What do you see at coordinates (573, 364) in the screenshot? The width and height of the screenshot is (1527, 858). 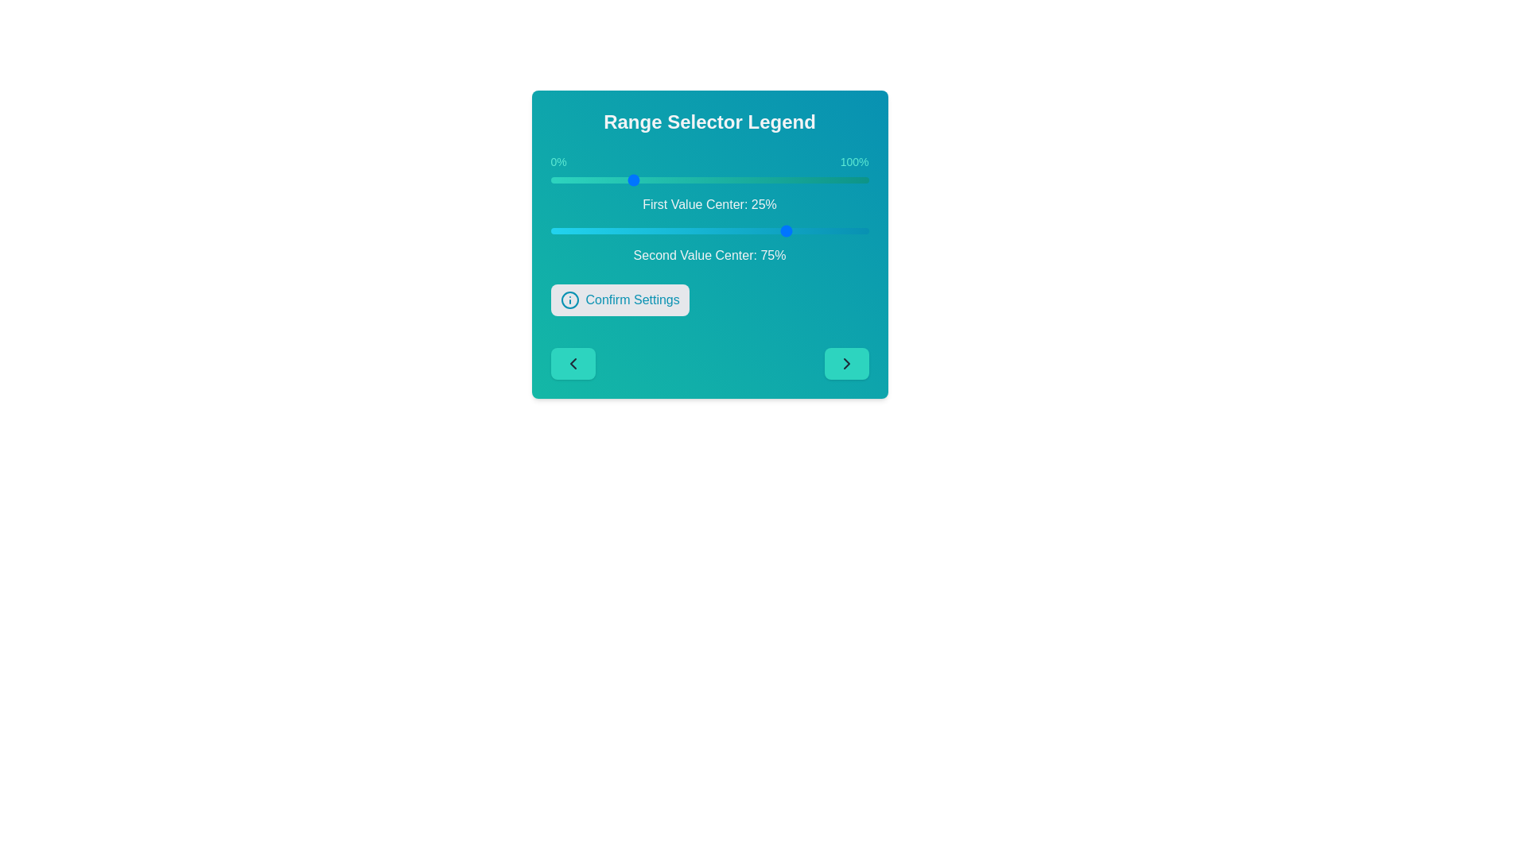 I see `the navigation button located in the bottom-left corner of the control panel` at bounding box center [573, 364].